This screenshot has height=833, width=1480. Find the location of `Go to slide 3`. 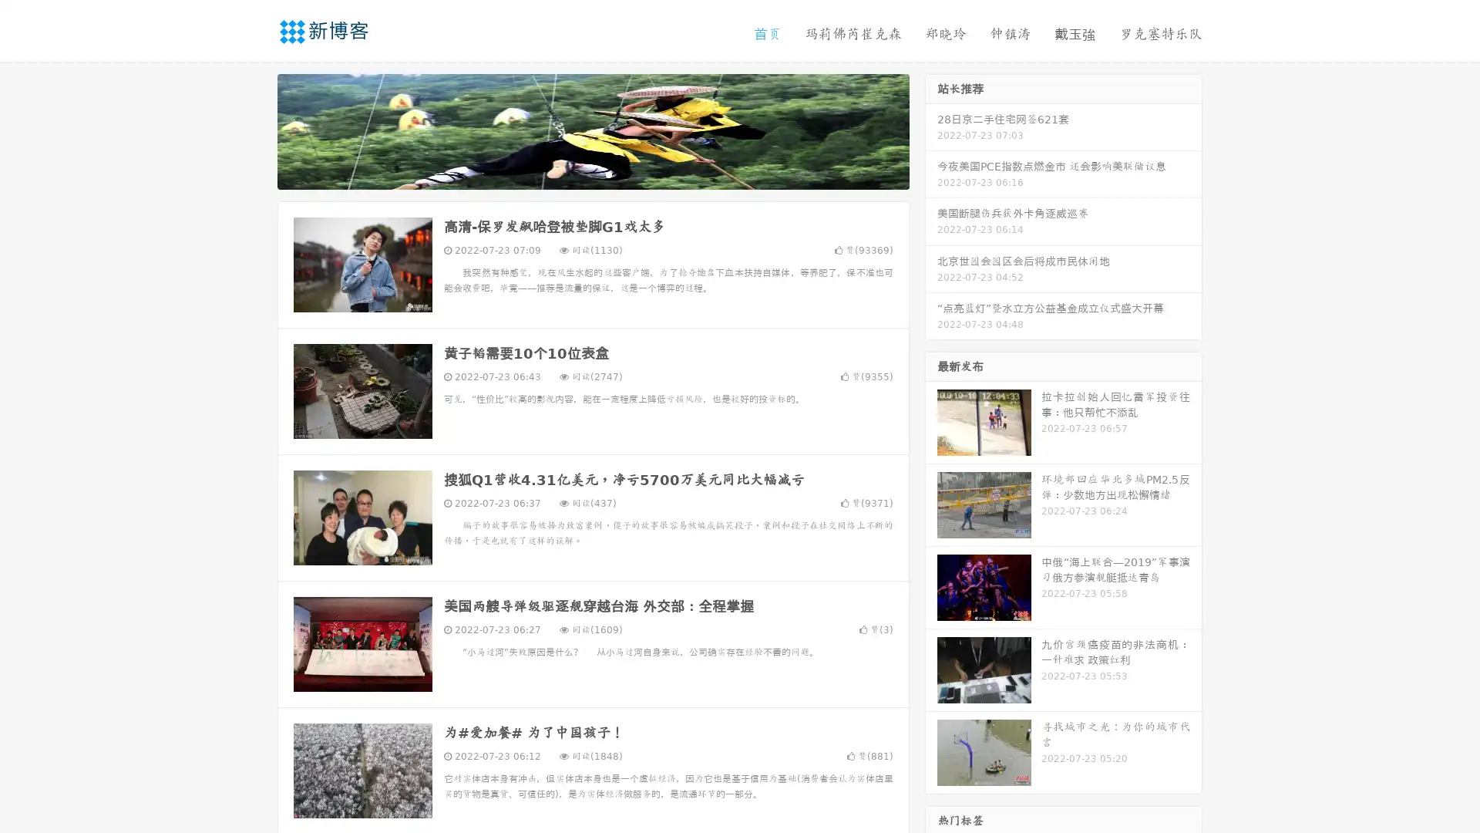

Go to slide 3 is located at coordinates (608, 174).